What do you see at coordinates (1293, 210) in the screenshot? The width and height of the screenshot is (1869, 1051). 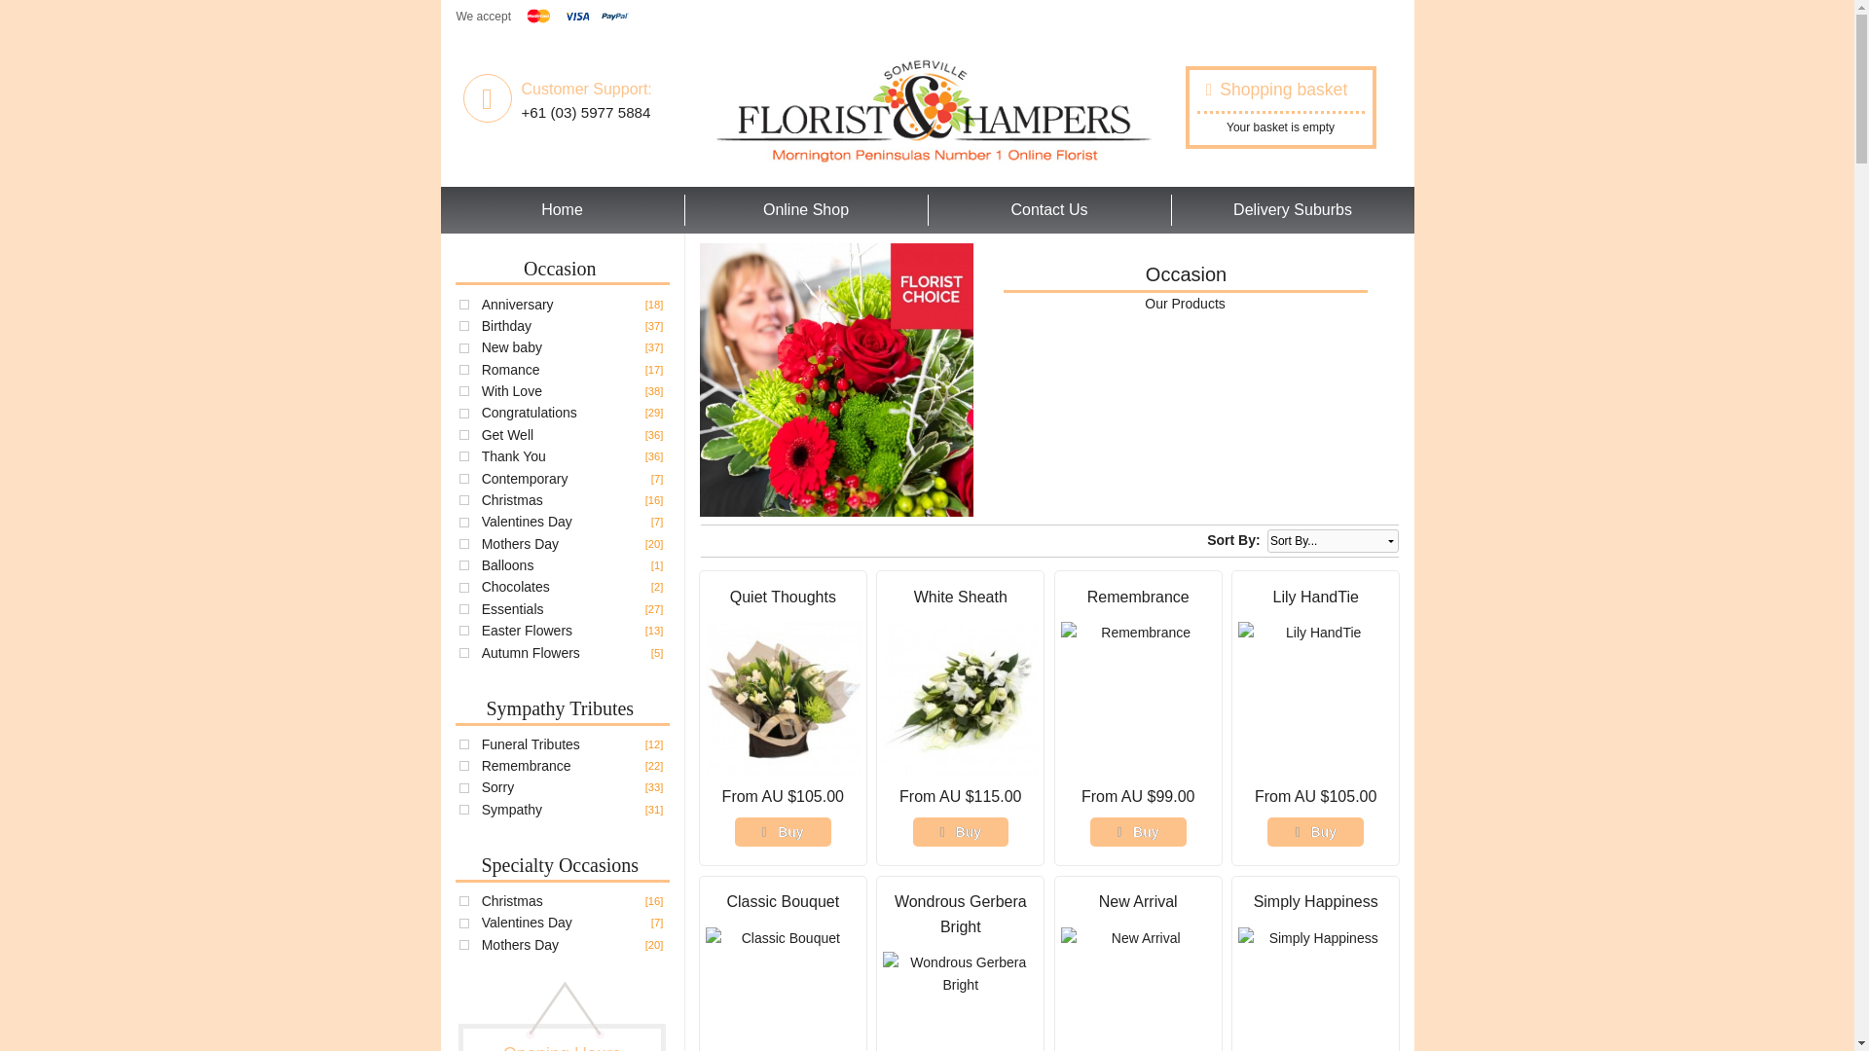 I see `'Delivery Suburbs'` at bounding box center [1293, 210].